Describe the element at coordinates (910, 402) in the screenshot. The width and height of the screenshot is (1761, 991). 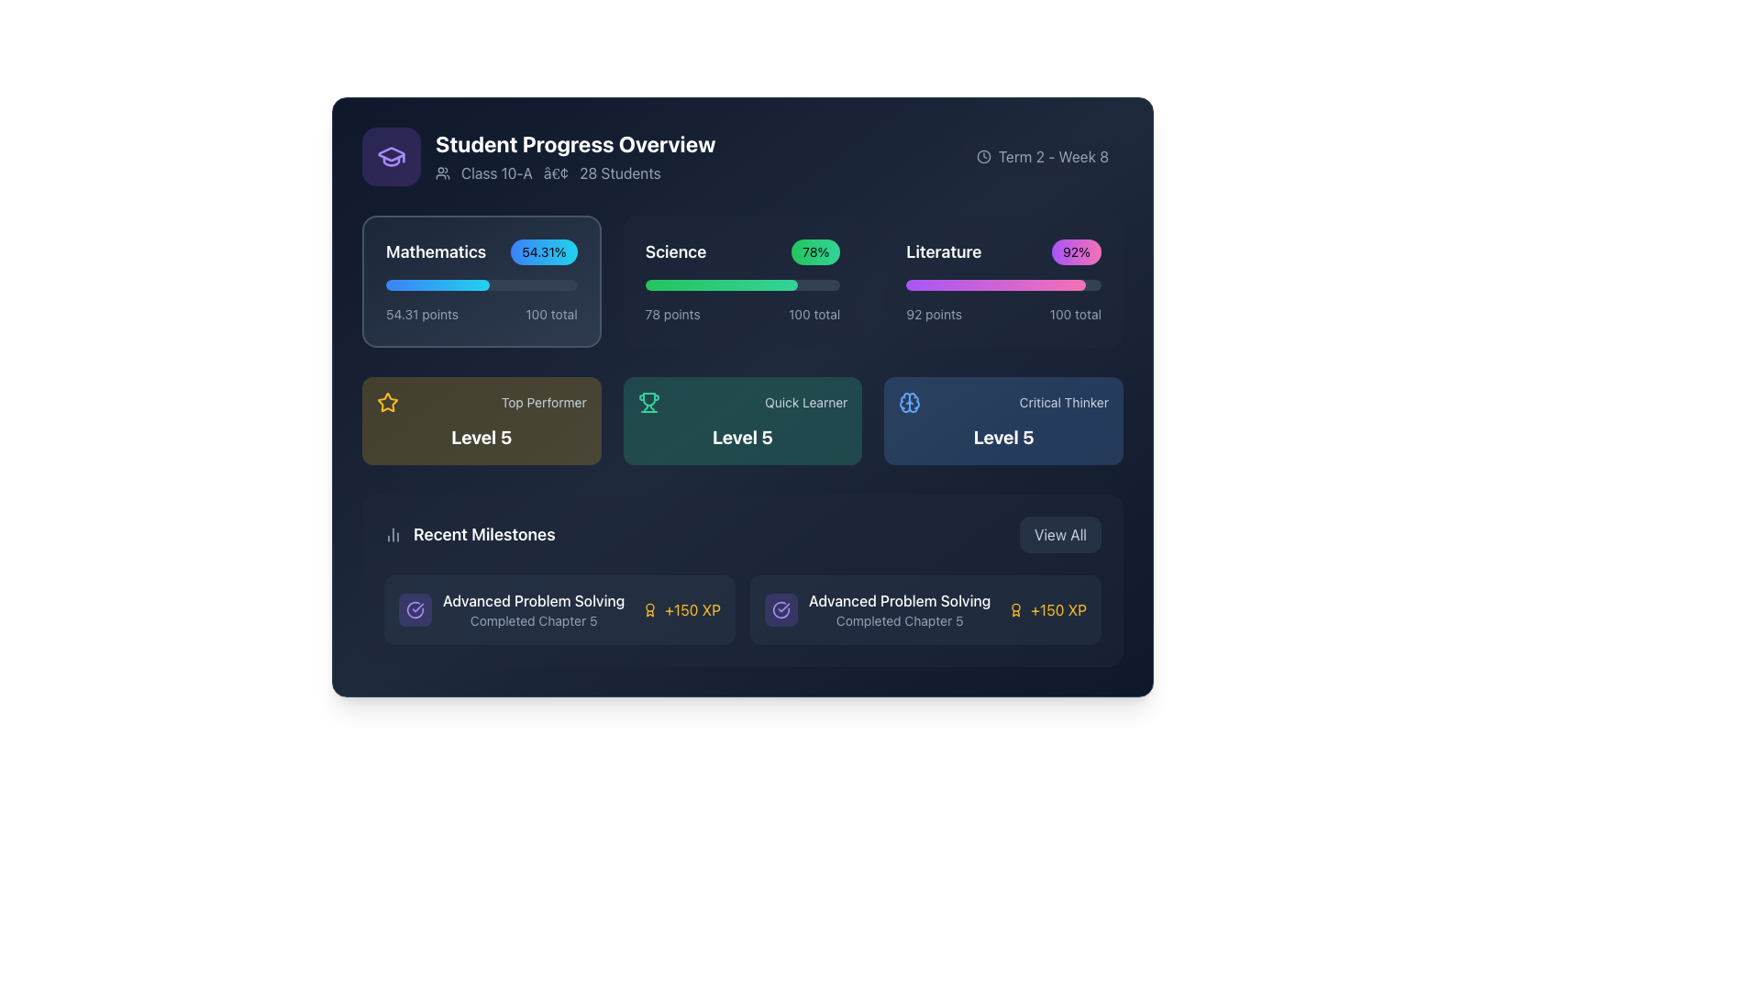
I see `the blue stylized brain outline SVG icon located on the far-left side of the 'Critical Thinker' group` at that location.